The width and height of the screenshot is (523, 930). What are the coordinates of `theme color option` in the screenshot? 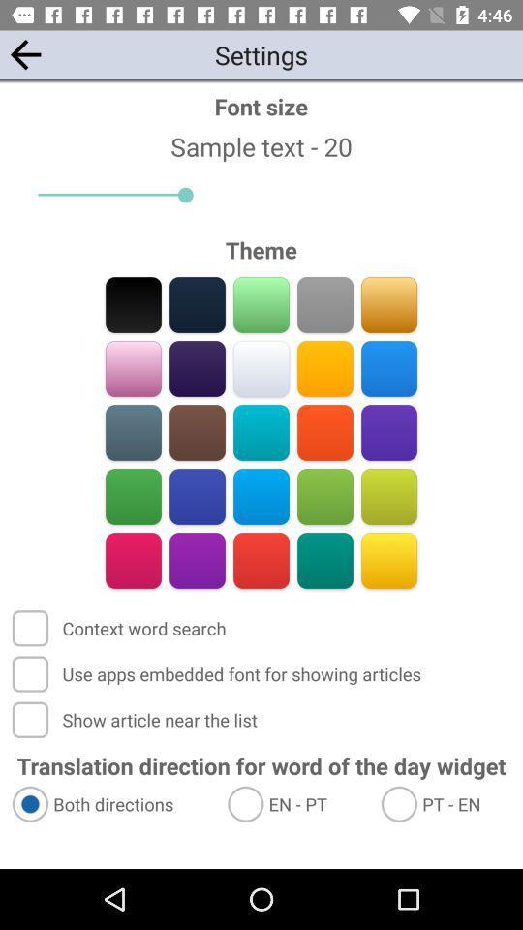 It's located at (388, 368).